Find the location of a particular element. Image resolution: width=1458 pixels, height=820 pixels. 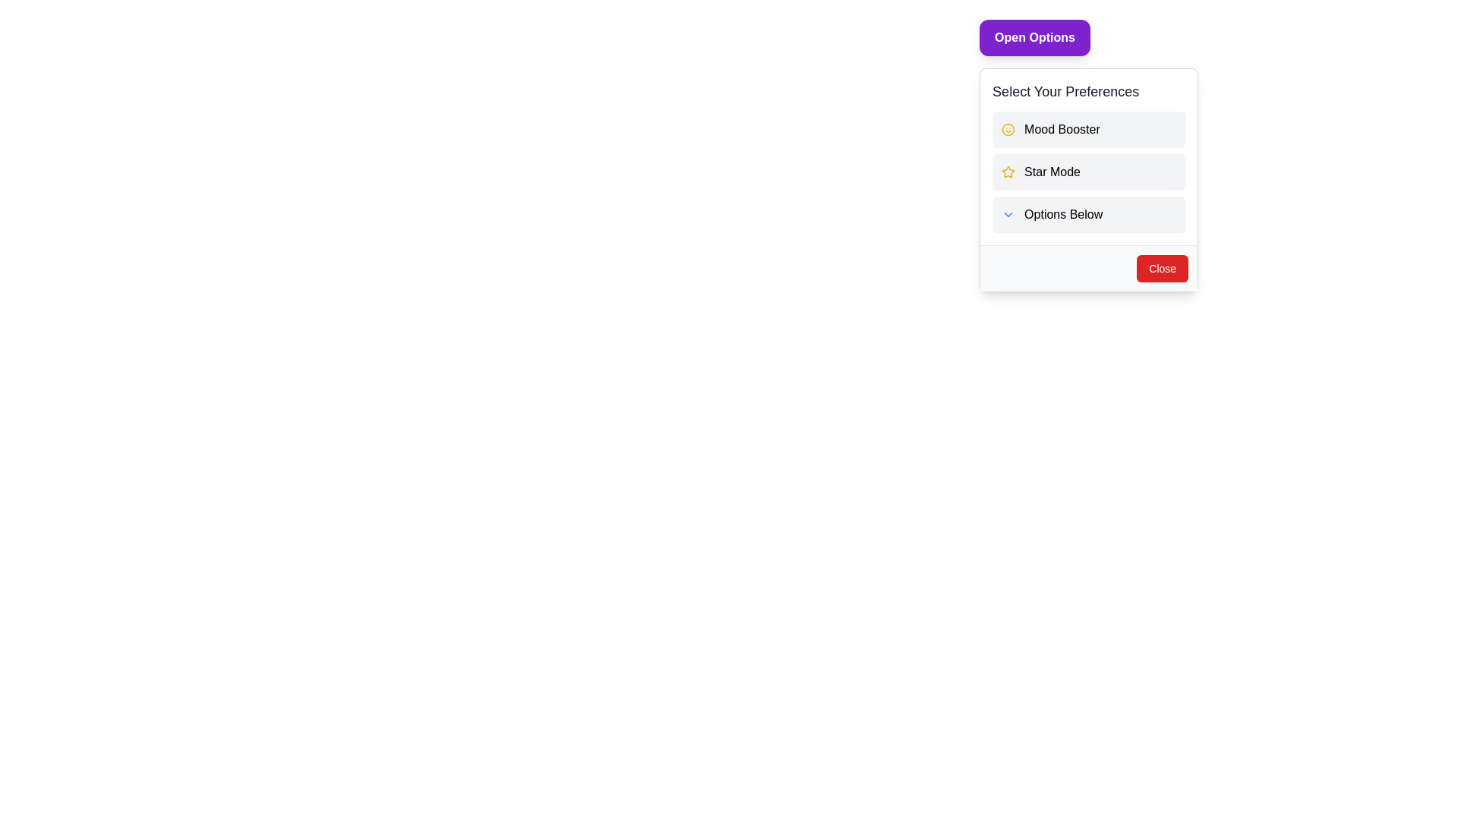

the close button located at the bottom-right corner of the card interface to observe the hover effect is located at coordinates (1162, 268).